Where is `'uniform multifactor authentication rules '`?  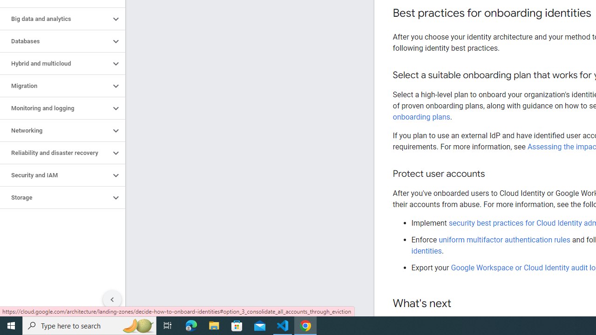 'uniform multifactor authentication rules ' is located at coordinates (505, 239).